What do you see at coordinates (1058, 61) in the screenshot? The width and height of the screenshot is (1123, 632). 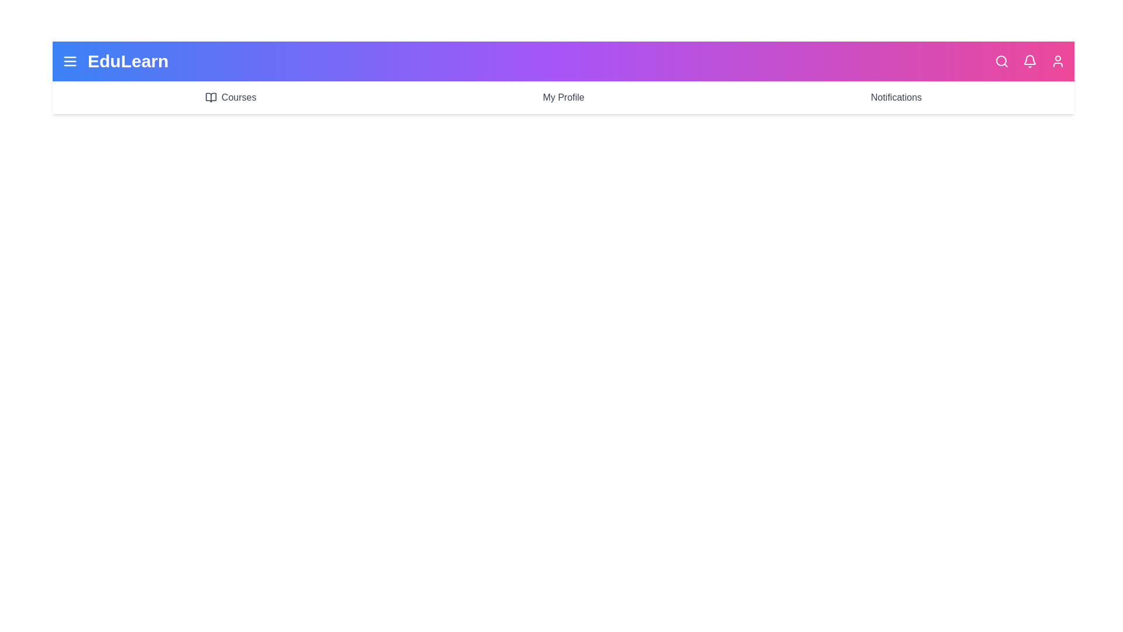 I see `the user icon to observe its hover effect` at bounding box center [1058, 61].